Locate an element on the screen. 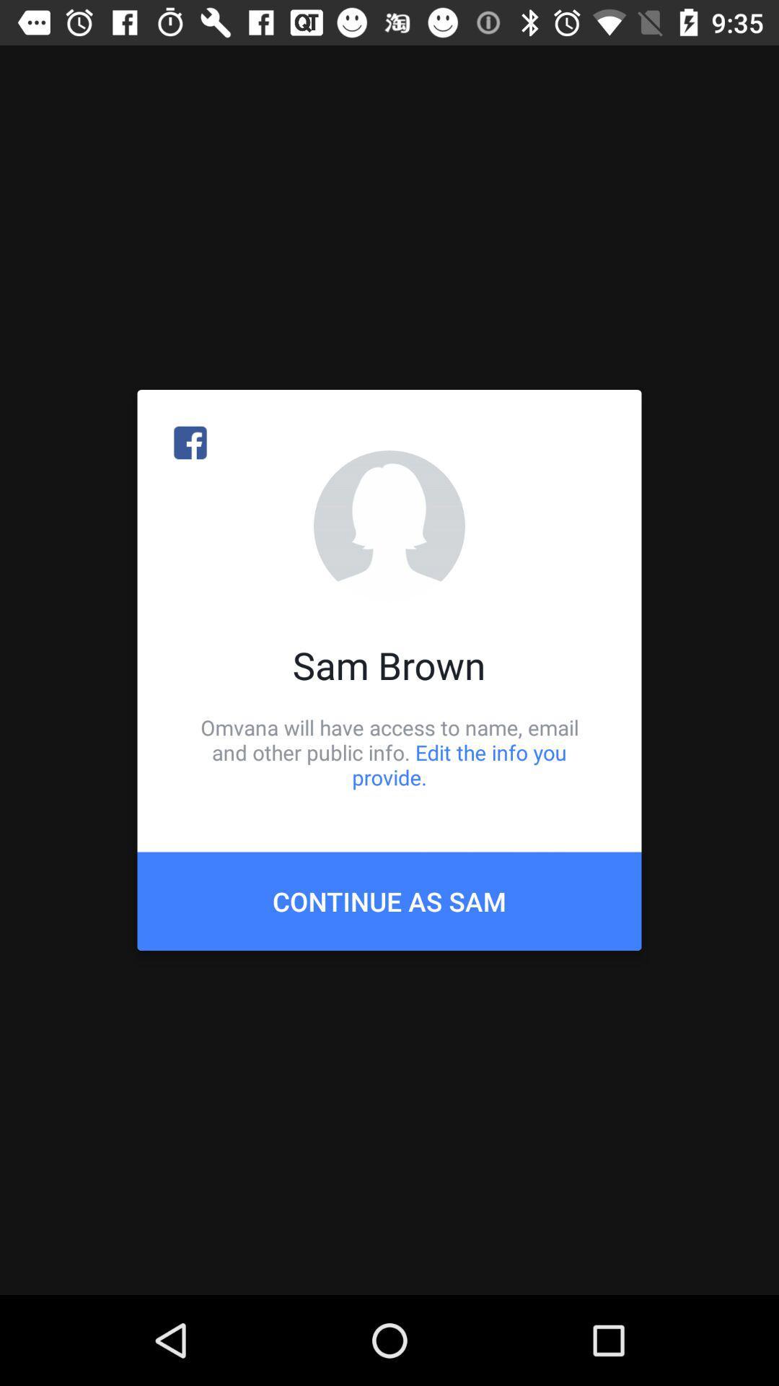 The width and height of the screenshot is (779, 1386). continue as sam icon is located at coordinates (389, 900).